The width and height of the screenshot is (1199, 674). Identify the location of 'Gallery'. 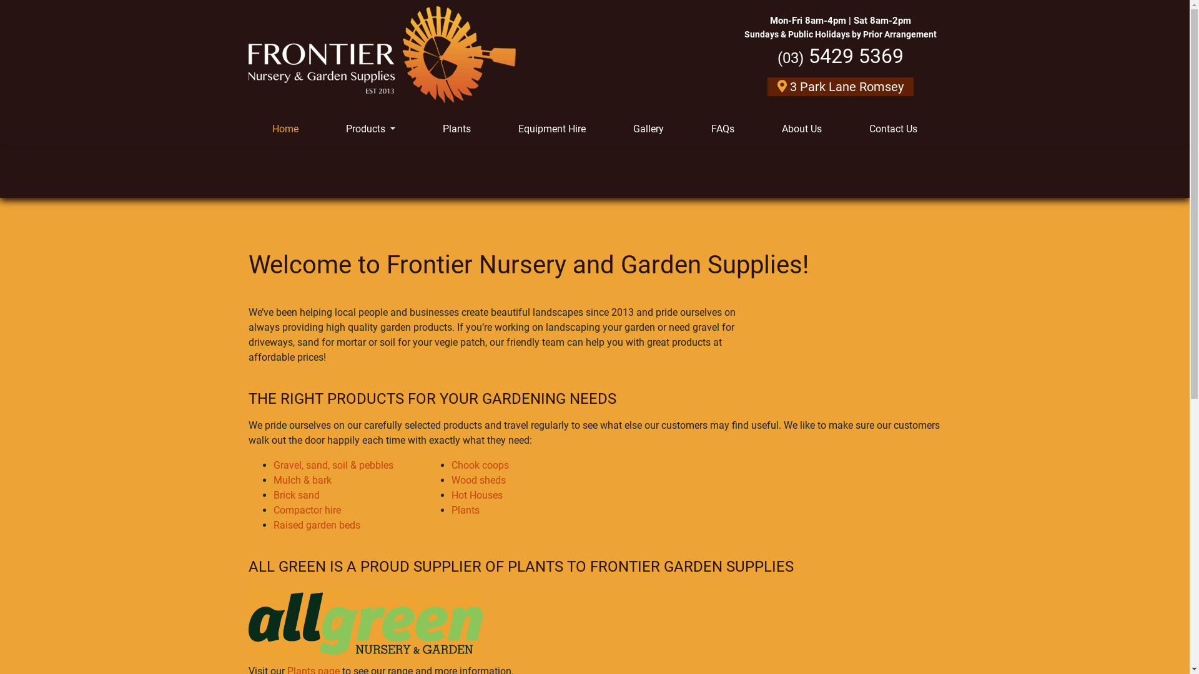
(609, 129).